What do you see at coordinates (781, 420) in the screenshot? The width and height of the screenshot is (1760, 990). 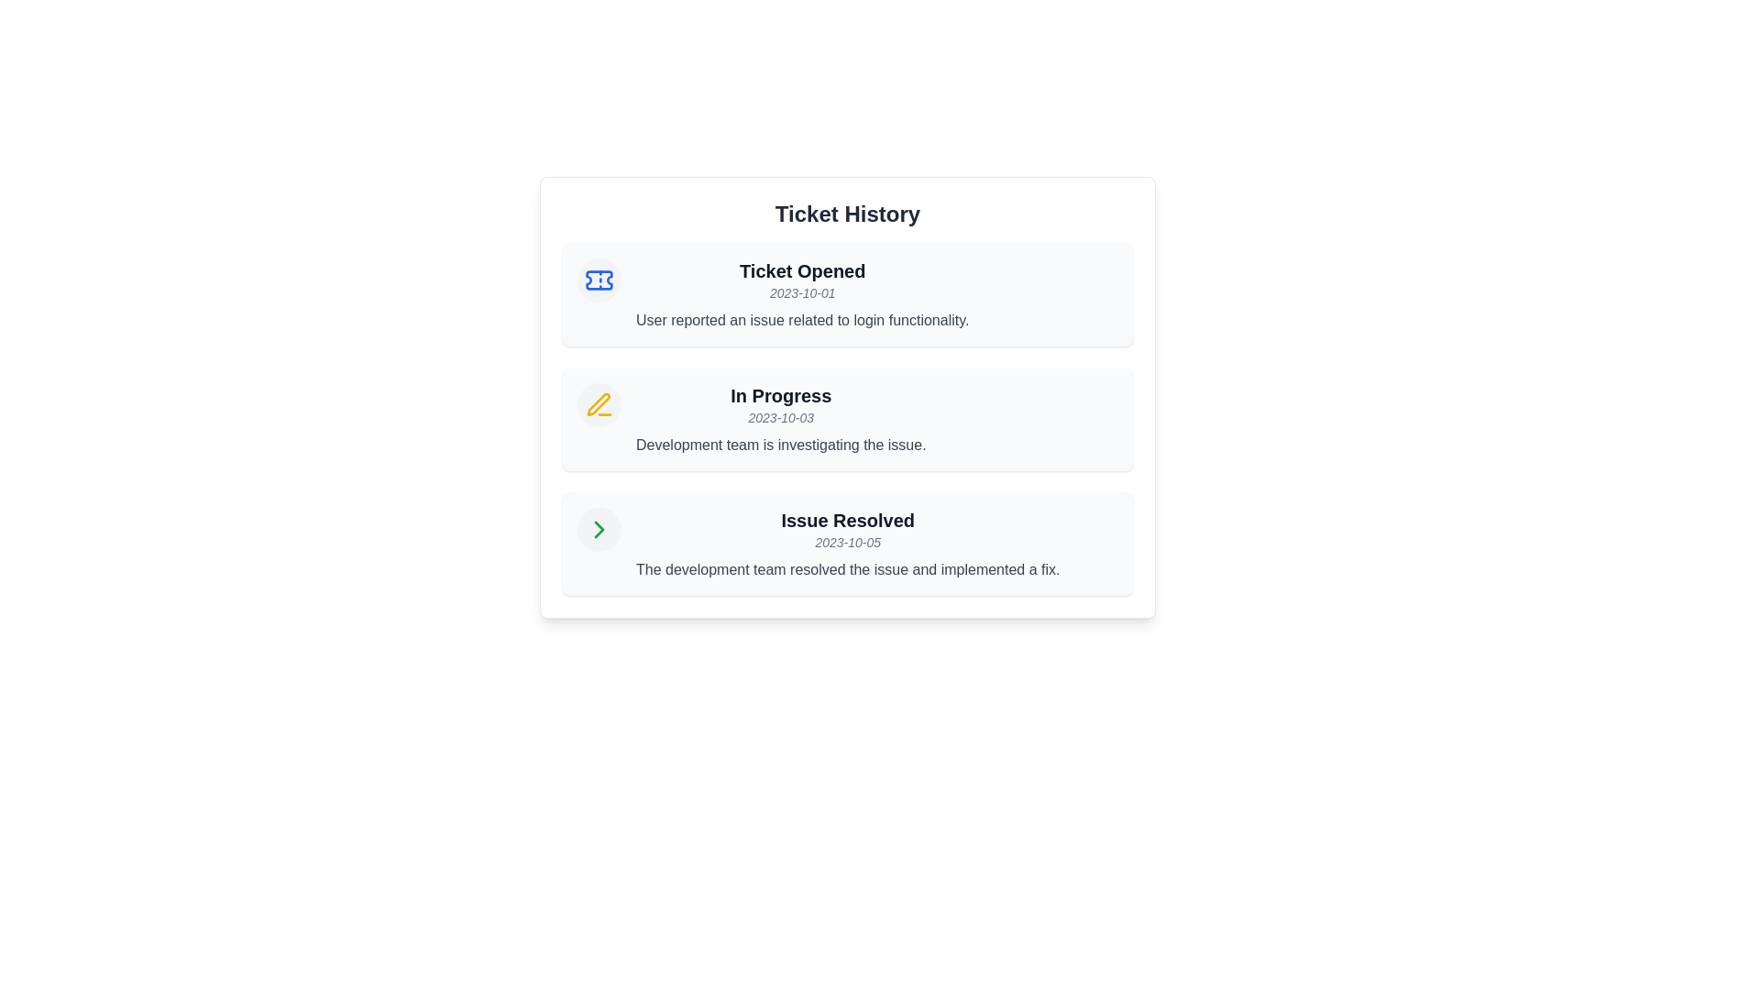 I see `the Text block displaying the current status of a ticket in the second panel of the 'Ticket History' section` at bounding box center [781, 420].